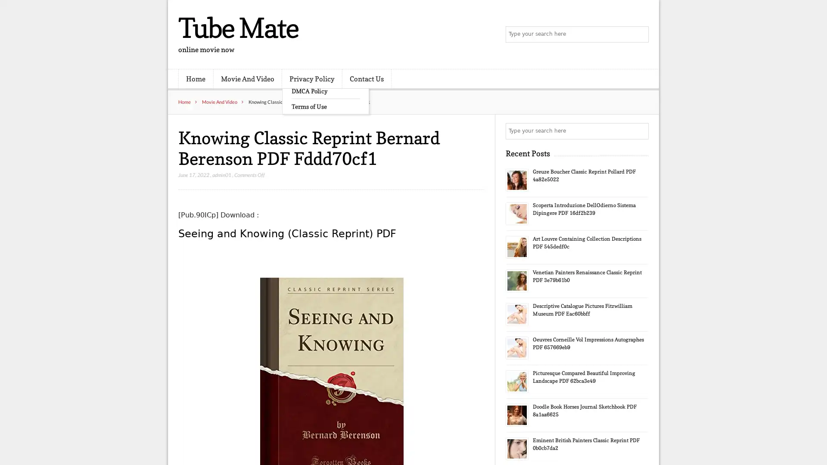  What do you see at coordinates (640, 34) in the screenshot?
I see `Search` at bounding box center [640, 34].